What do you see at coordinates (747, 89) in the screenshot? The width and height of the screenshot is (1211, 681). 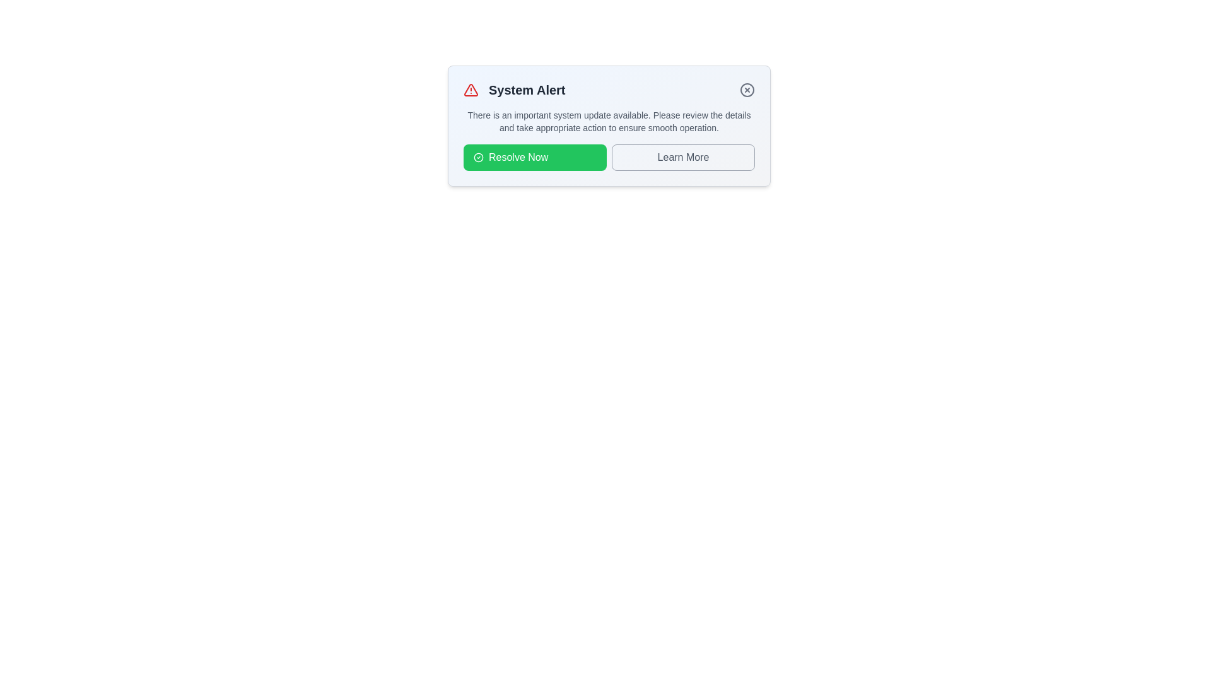 I see `close button (X icon) to dismiss the alert` at bounding box center [747, 89].